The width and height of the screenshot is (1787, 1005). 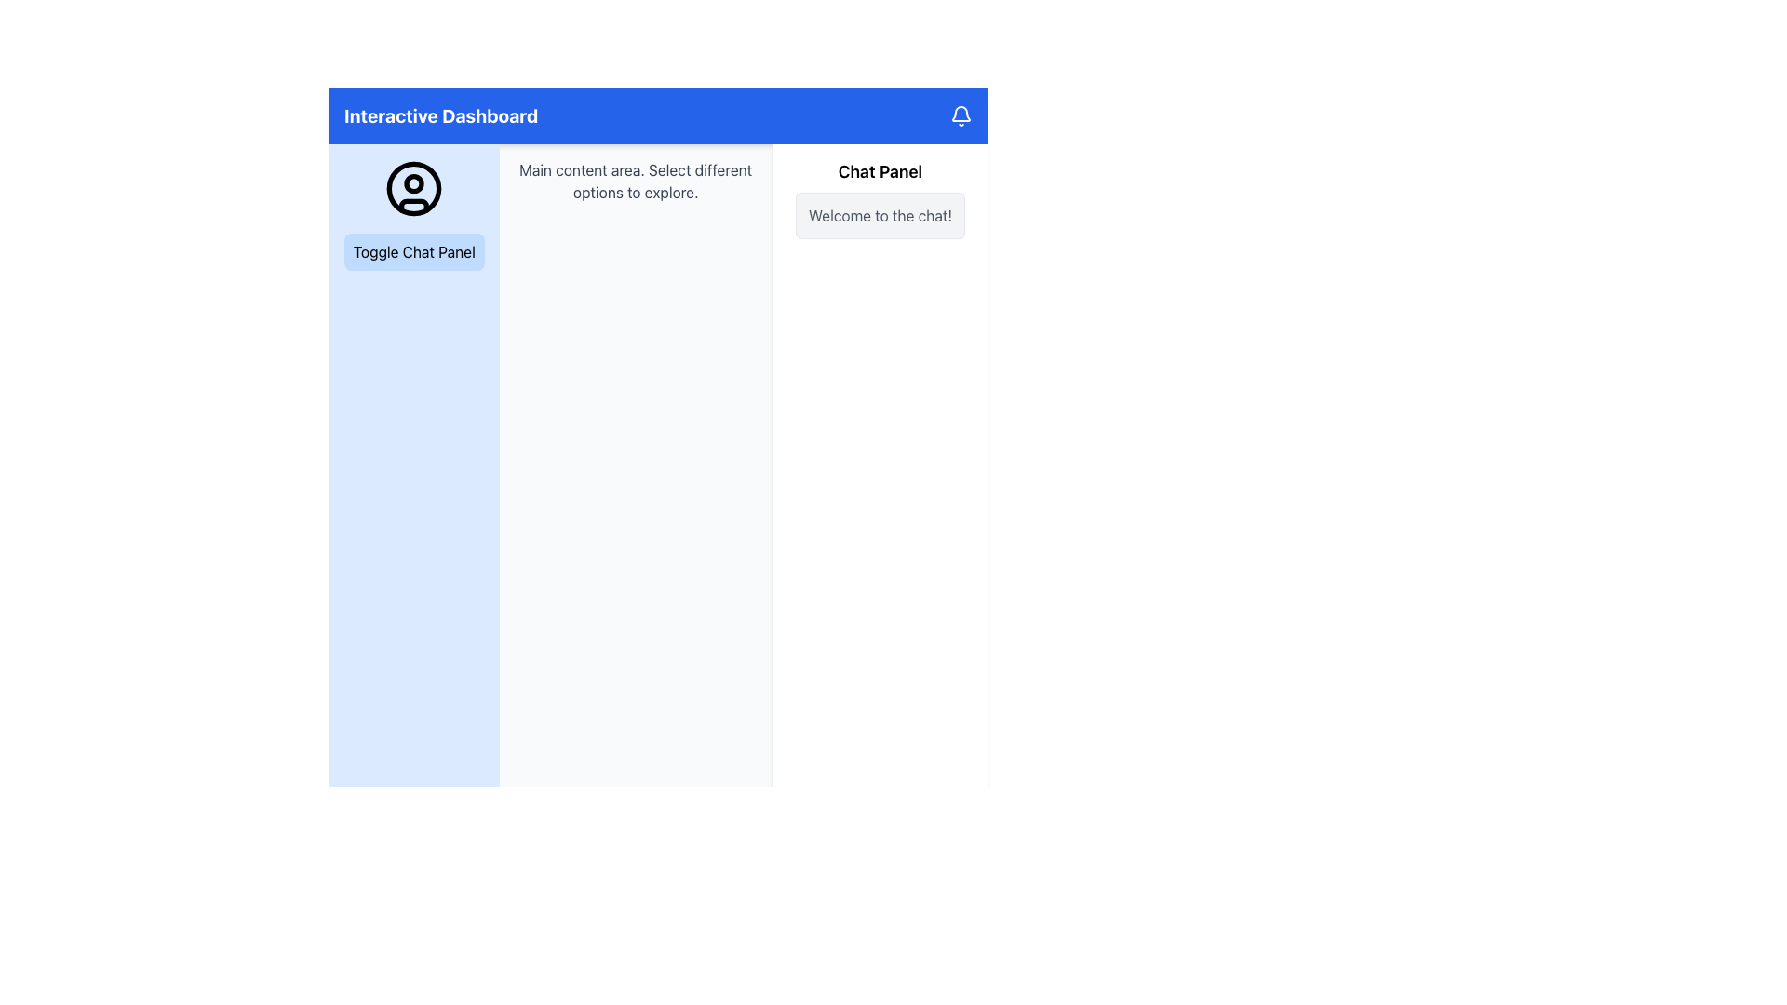 I want to click on the 'Chat Panel' text label, which is a large, bold label located at the top of the right vertical panel in the interface, so click(x=879, y=172).